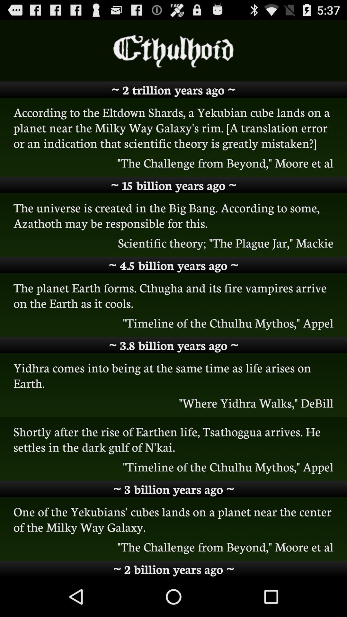 Image resolution: width=347 pixels, height=617 pixels. I want to click on the scientific theory the icon, so click(173, 242).